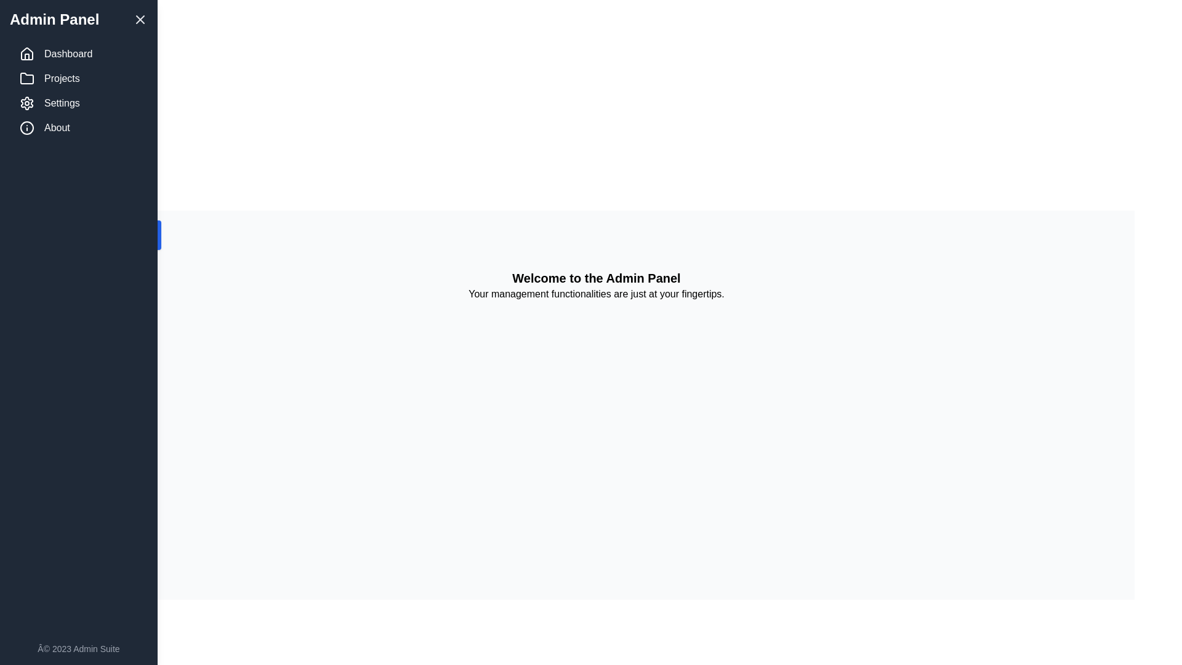  I want to click on the small square button icon with an 'X' symbol located on the right side of the 'Admin Panel' header, so click(140, 19).